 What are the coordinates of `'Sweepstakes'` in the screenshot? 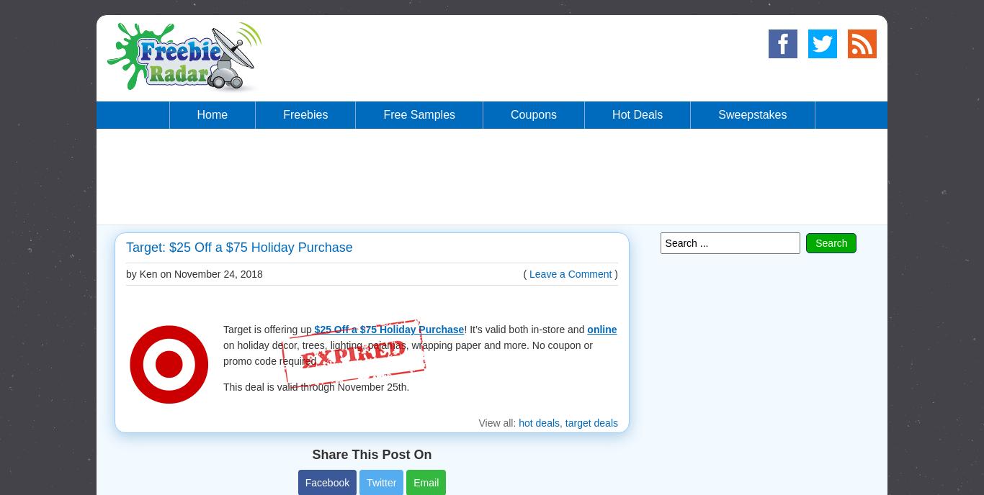 It's located at (718, 114).